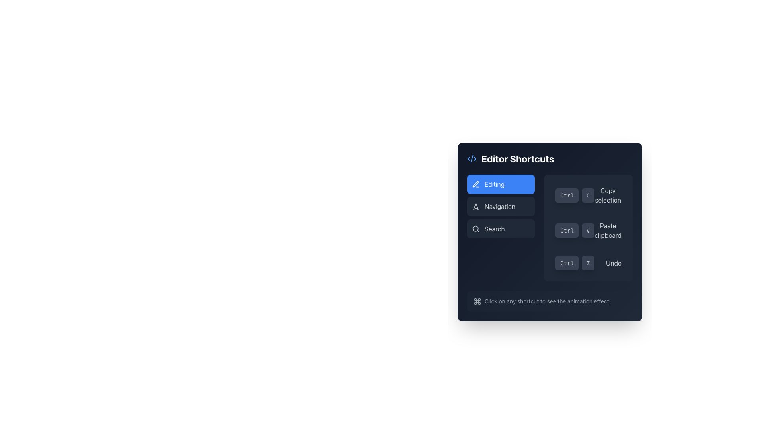 Image resolution: width=764 pixels, height=430 pixels. What do you see at coordinates (588, 195) in the screenshot?
I see `the button labeled 'C', which is used for the 'Copy' action in conjunction with the 'Ctrl' button, located in the middle-right section of the interface` at bounding box center [588, 195].